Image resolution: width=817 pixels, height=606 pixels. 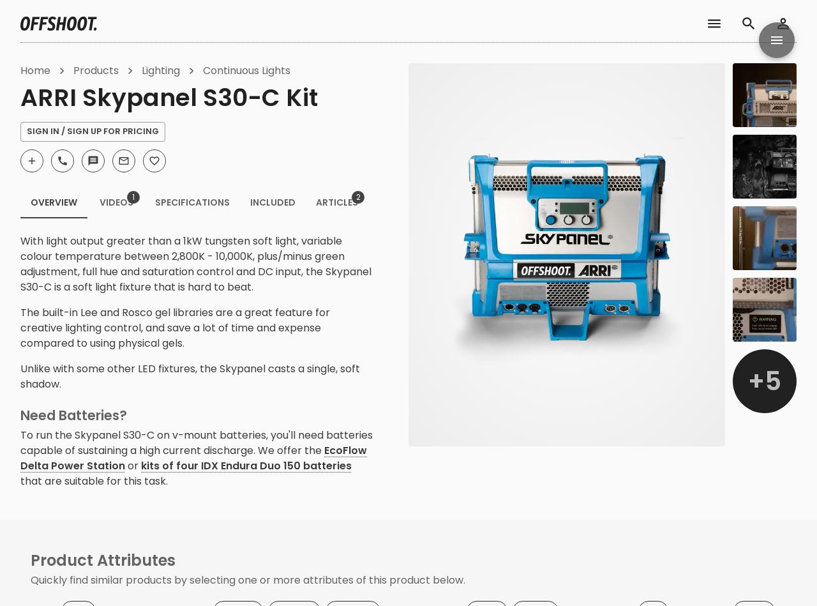 What do you see at coordinates (73, 414) in the screenshot?
I see `'Need Batteries?'` at bounding box center [73, 414].